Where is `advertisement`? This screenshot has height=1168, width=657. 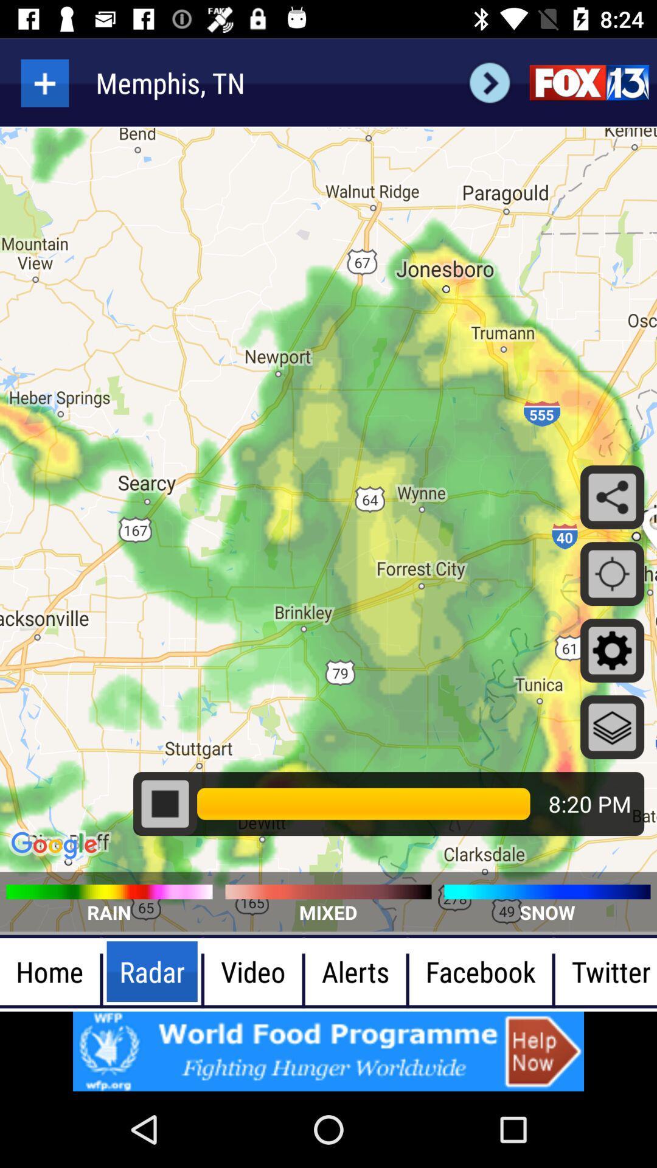
advertisement is located at coordinates (328, 1051).